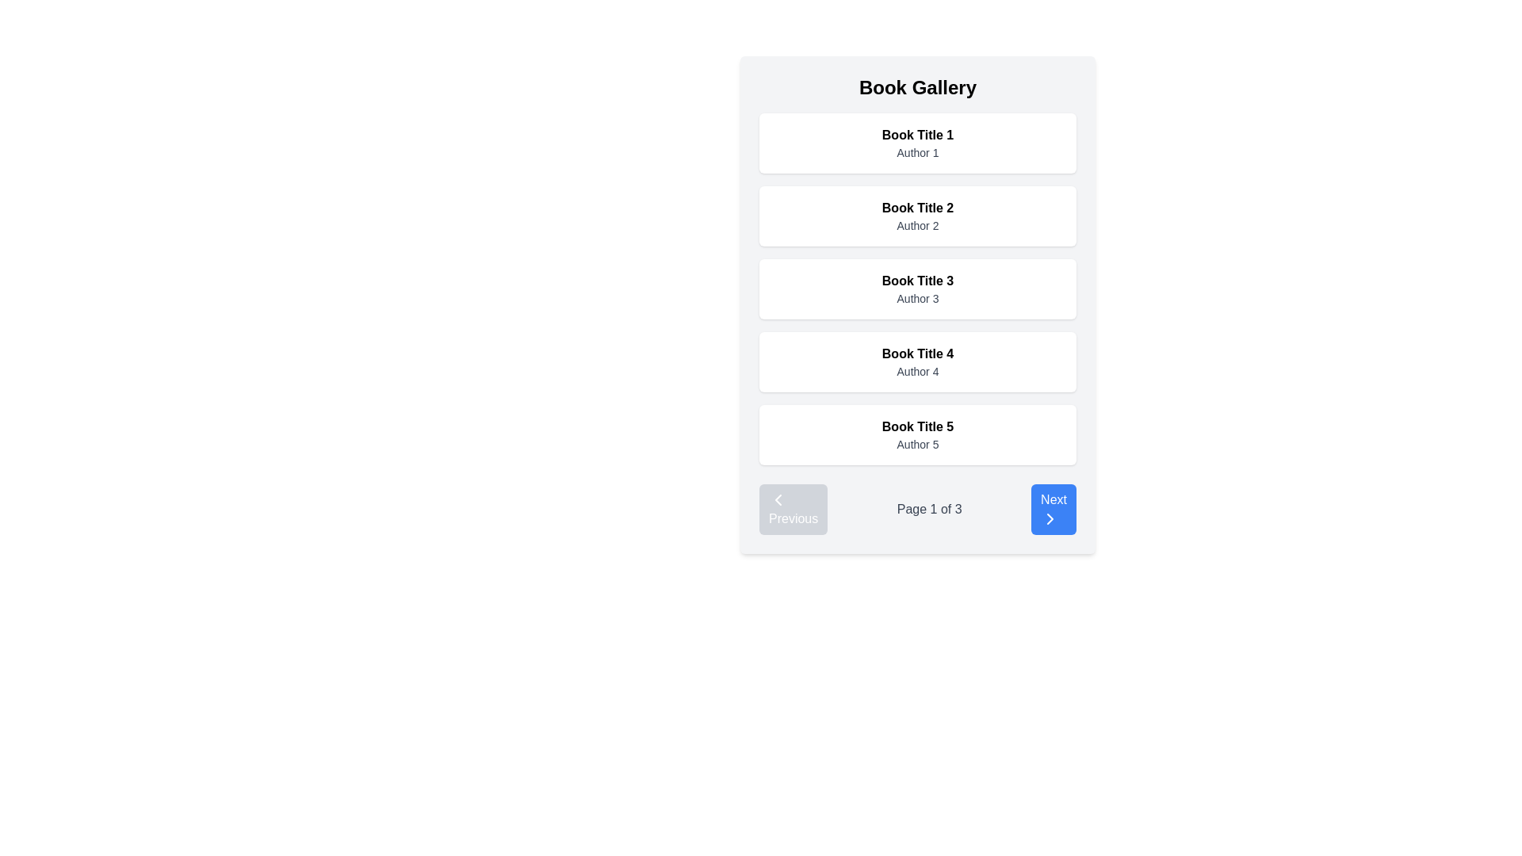 The height and width of the screenshot is (856, 1522). What do you see at coordinates (917, 289) in the screenshot?
I see `the list item displaying 'Book Title 3' and 'Author 3', which is the third item in the vertical list` at bounding box center [917, 289].